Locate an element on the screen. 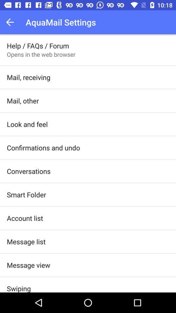 This screenshot has height=313, width=176. the help / faqs / forum is located at coordinates (38, 45).